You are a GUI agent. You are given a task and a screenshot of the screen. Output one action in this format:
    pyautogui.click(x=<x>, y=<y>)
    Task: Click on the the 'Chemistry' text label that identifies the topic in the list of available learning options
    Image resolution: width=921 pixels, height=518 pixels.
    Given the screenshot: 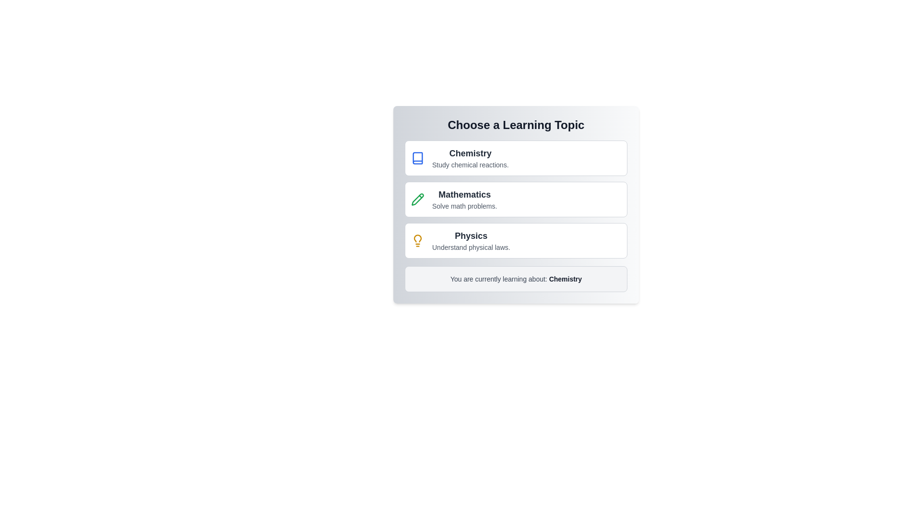 What is the action you would take?
    pyautogui.click(x=470, y=153)
    